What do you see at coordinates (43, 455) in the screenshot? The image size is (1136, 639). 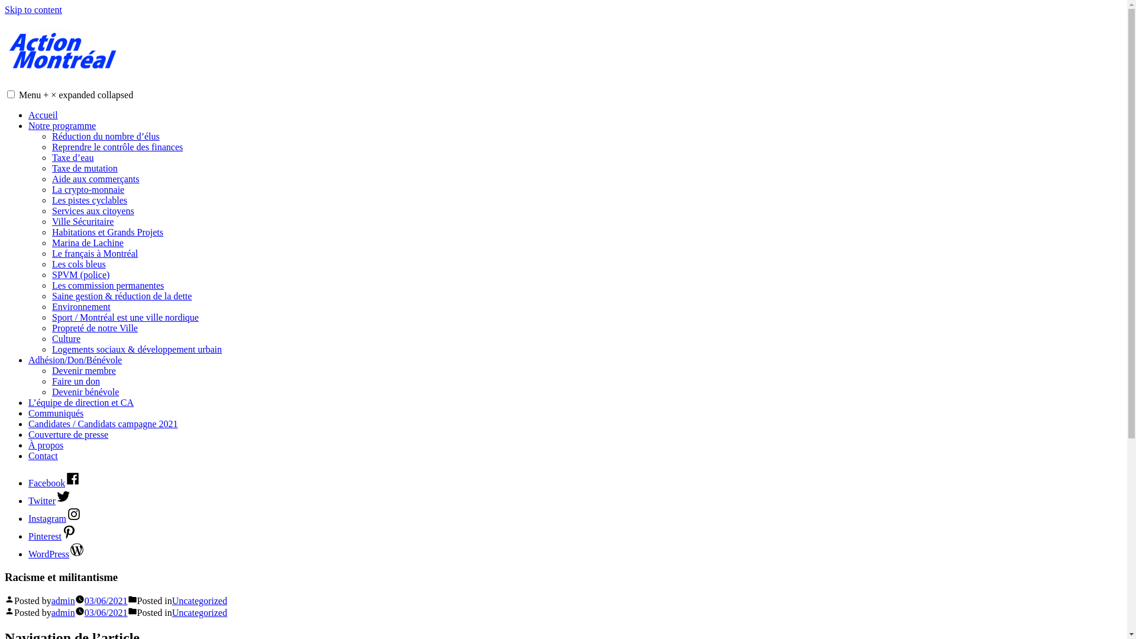 I see `'Contact'` at bounding box center [43, 455].